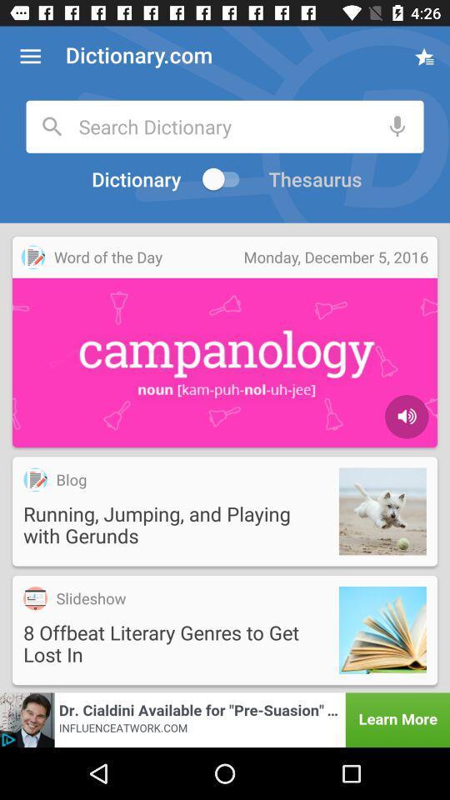 This screenshot has width=450, height=800. I want to click on the video which is under the text dictionary, so click(225, 341).